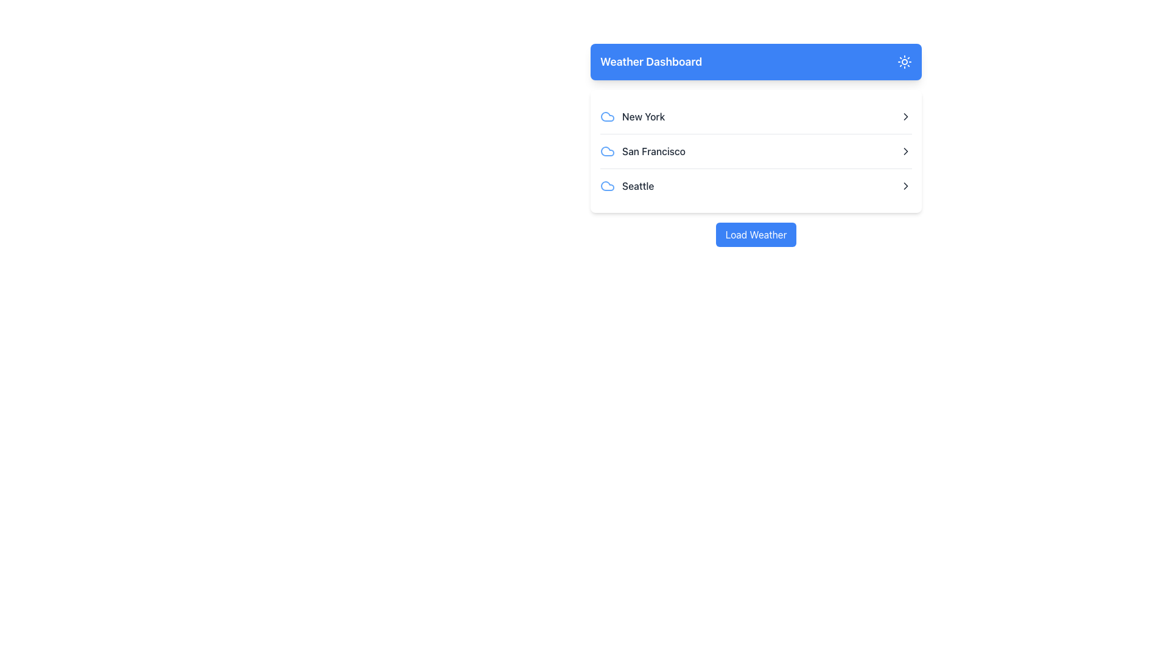 The height and width of the screenshot is (657, 1169). What do you see at coordinates (608, 117) in the screenshot?
I see `the cloud-shaped icon outlined in blue, which is located to the left of the text 'New York' in the first row of the 'Weather Dashboard' card` at bounding box center [608, 117].